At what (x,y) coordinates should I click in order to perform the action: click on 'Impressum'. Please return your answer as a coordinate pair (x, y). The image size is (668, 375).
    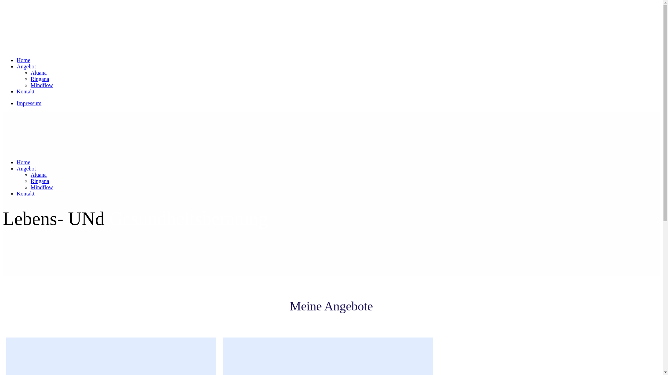
    Looking at the image, I should click on (29, 103).